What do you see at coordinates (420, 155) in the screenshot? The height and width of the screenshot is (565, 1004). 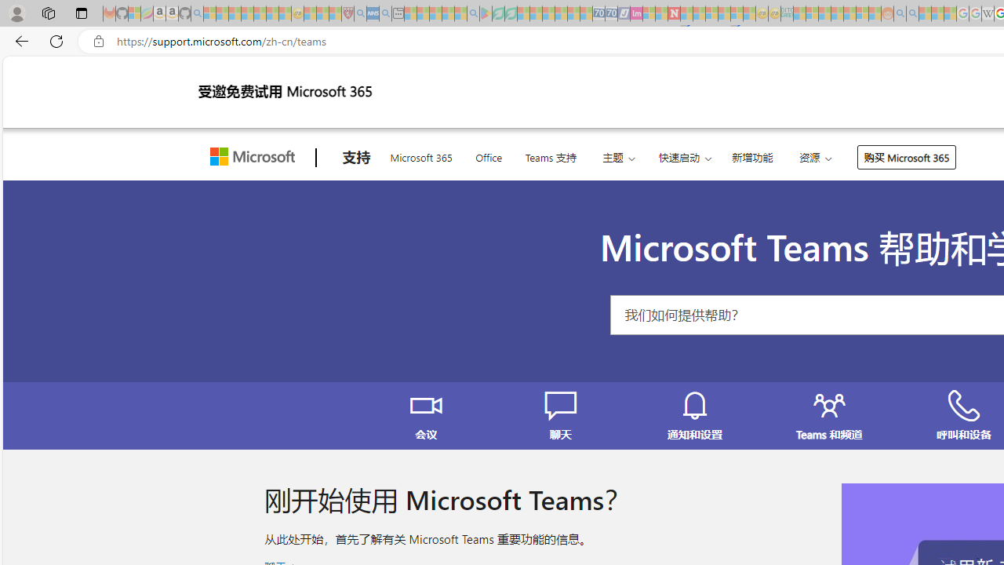 I see `'Microsoft 365'` at bounding box center [420, 155].